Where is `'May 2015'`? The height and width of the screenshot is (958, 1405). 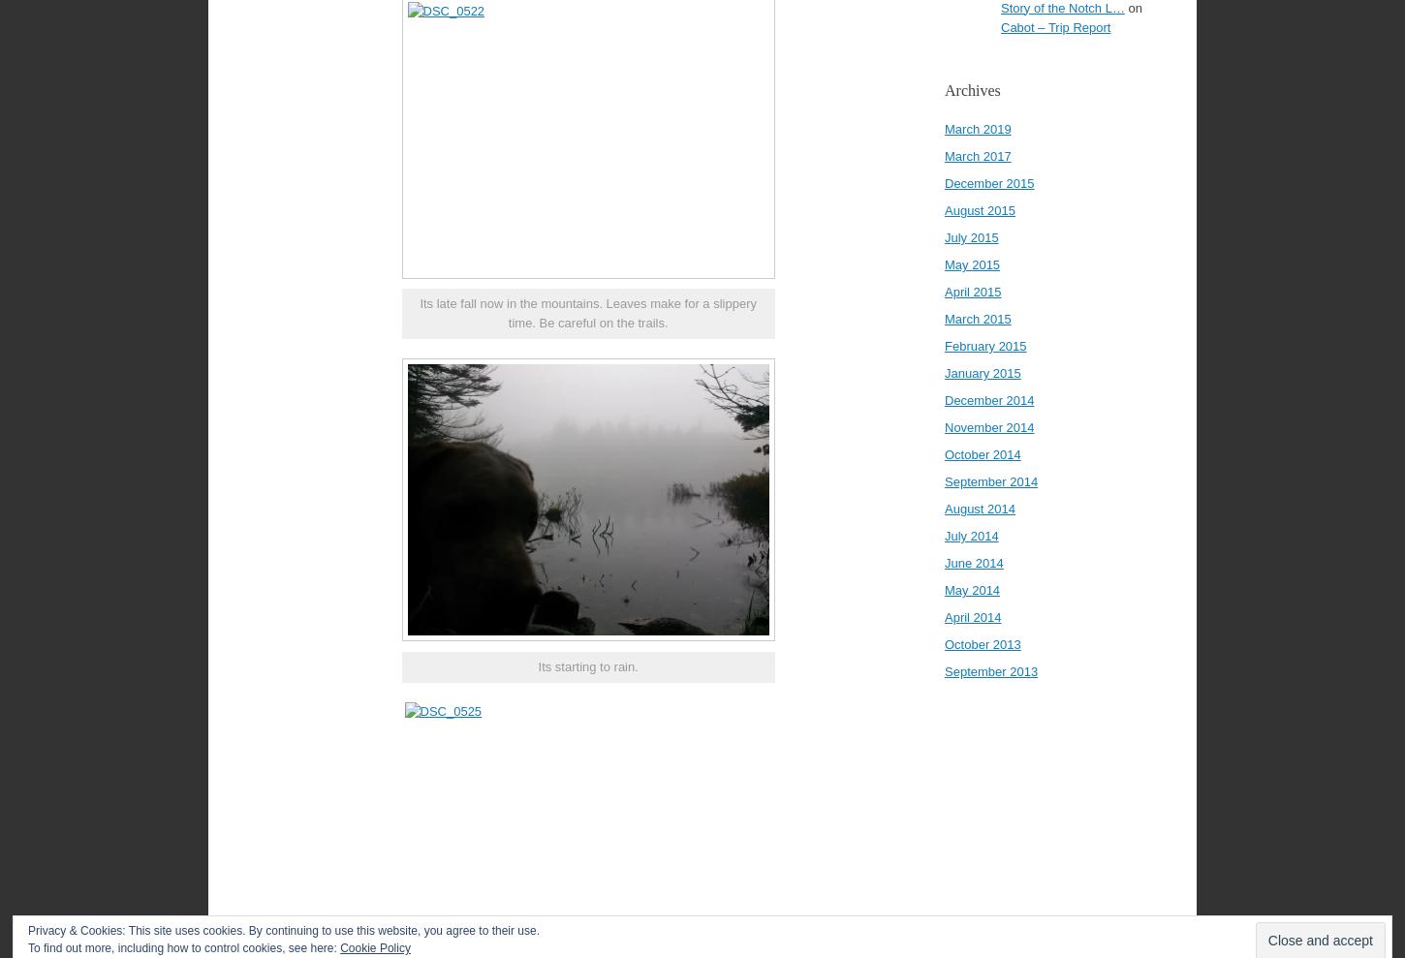
'May 2015' is located at coordinates (972, 263).